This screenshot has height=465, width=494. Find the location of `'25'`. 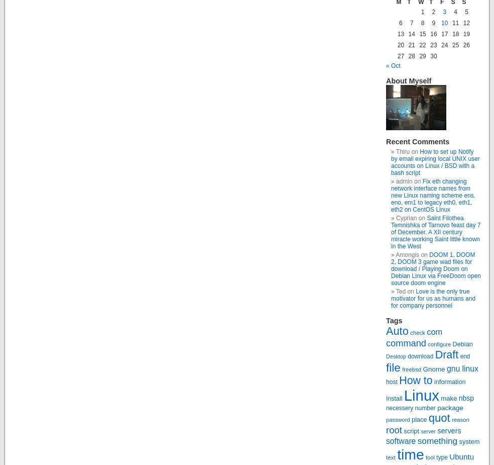

'25' is located at coordinates (455, 45).